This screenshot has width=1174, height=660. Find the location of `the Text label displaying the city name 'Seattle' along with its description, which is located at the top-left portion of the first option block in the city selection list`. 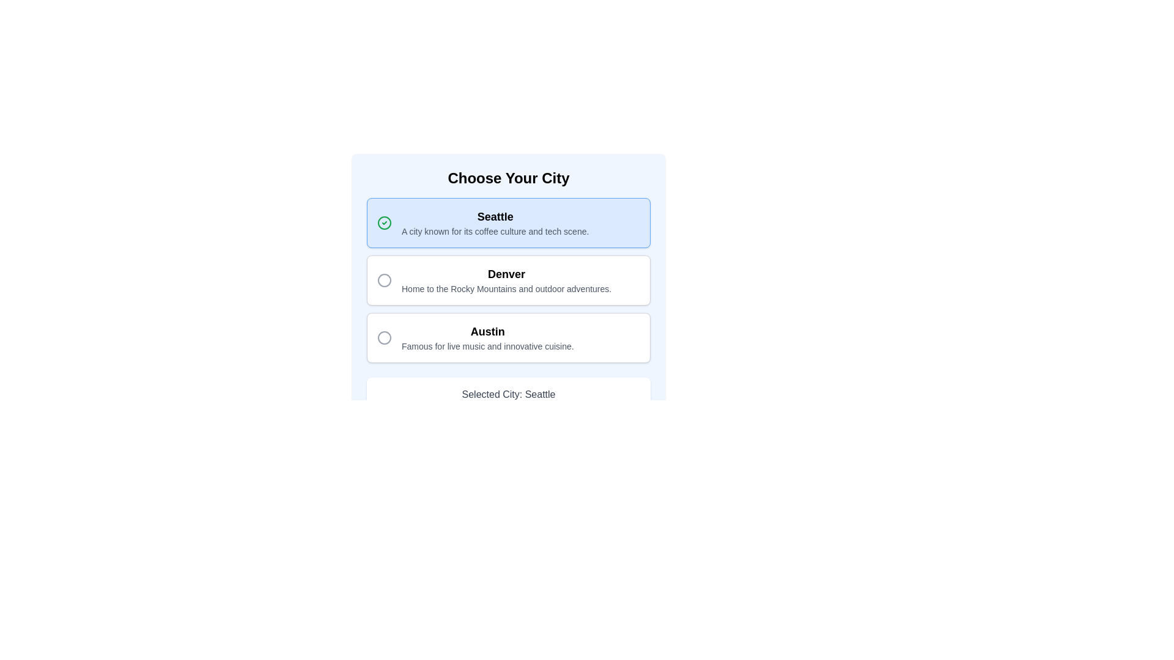

the Text label displaying the city name 'Seattle' along with its description, which is located at the top-left portion of the first option block in the city selection list is located at coordinates (495, 223).